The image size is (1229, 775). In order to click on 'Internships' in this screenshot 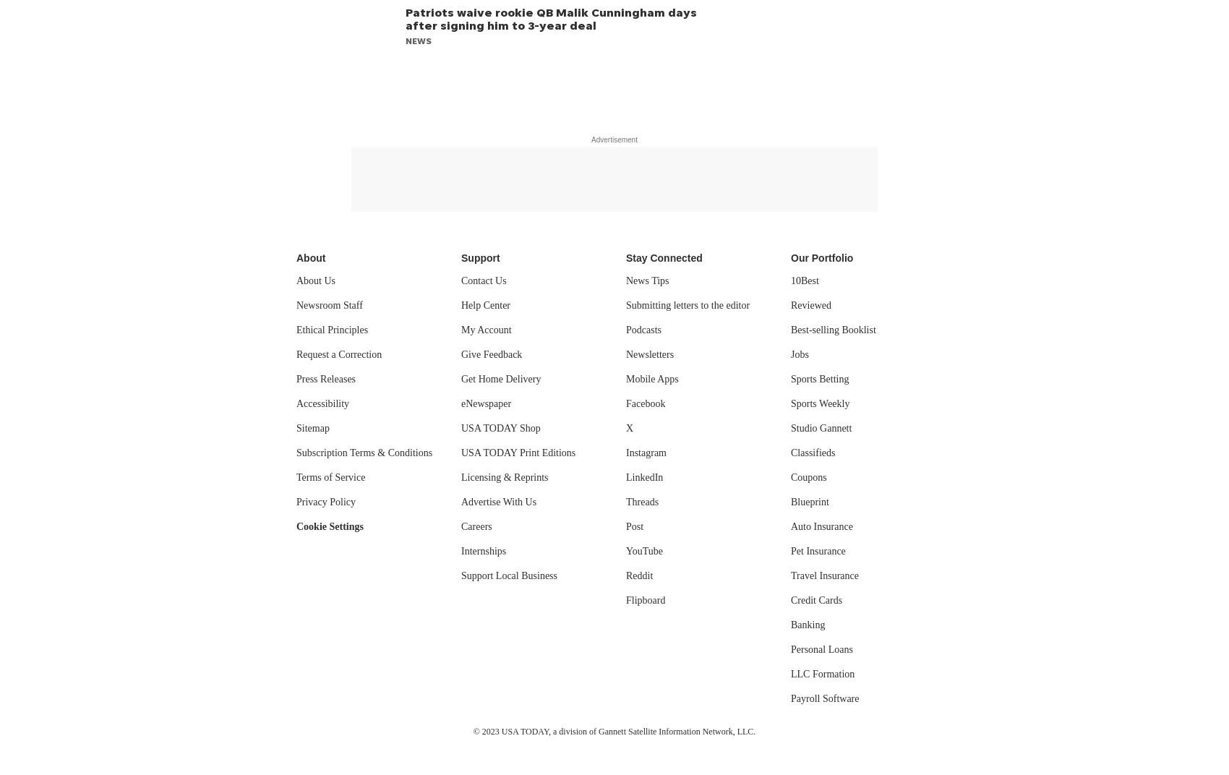, I will do `click(461, 551)`.